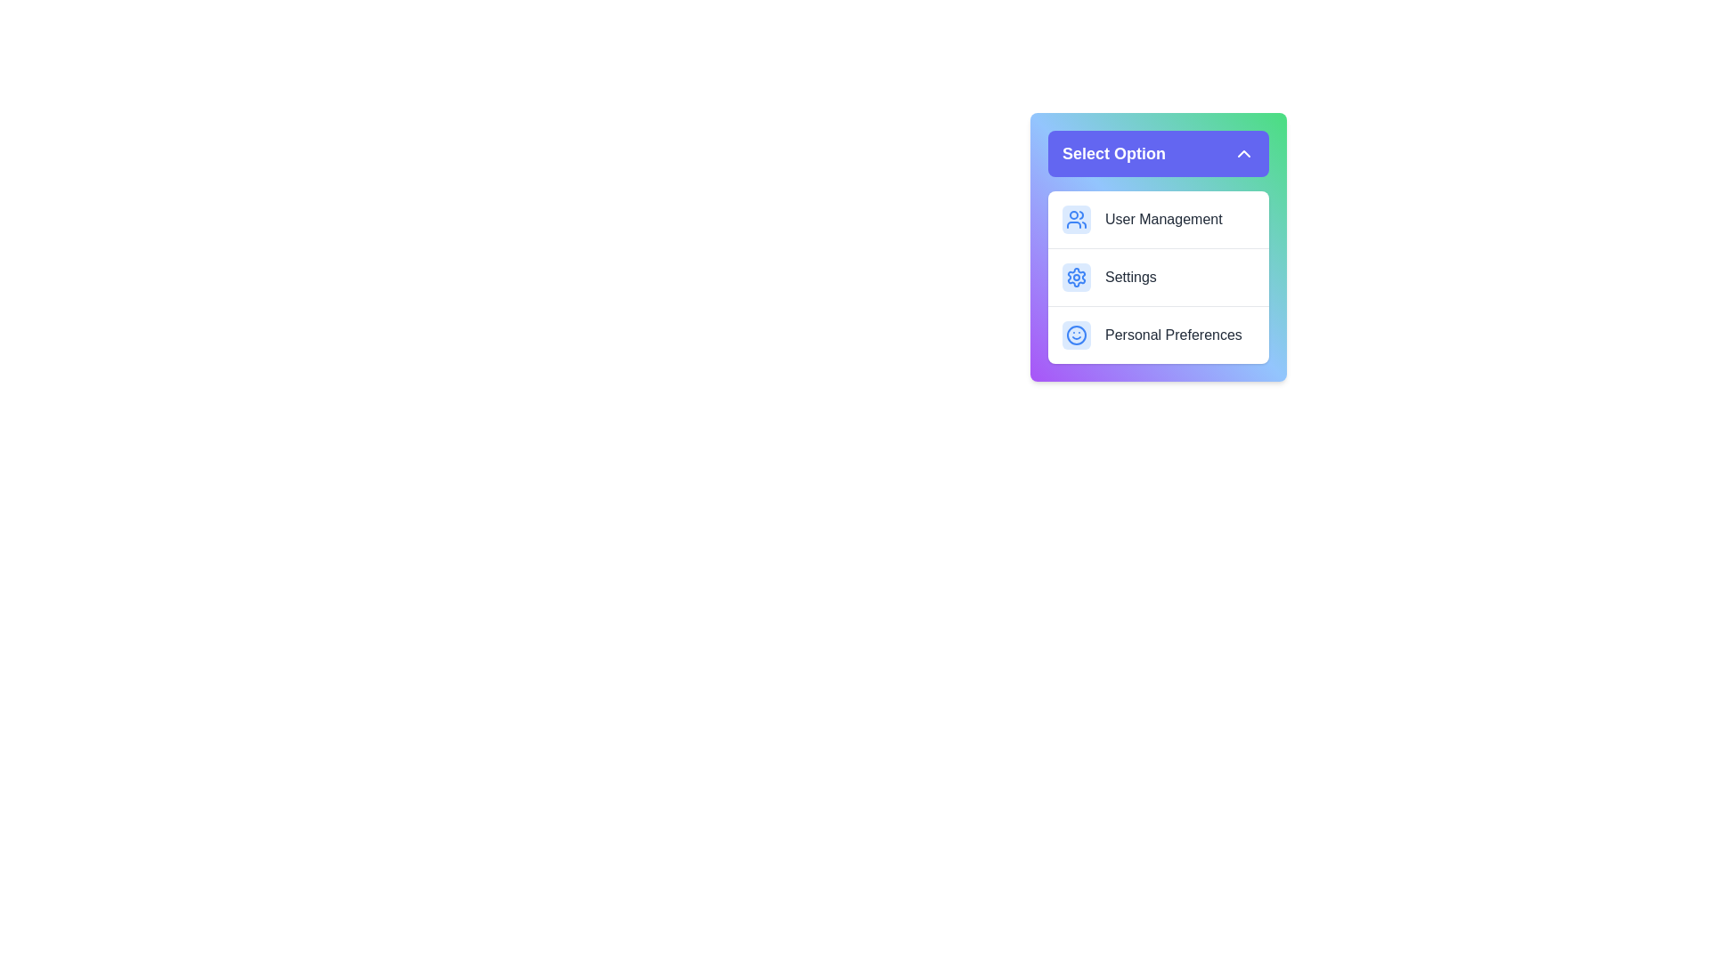  Describe the element at coordinates (1076, 278) in the screenshot. I see `the 'Settings' icon in the options menu` at that location.